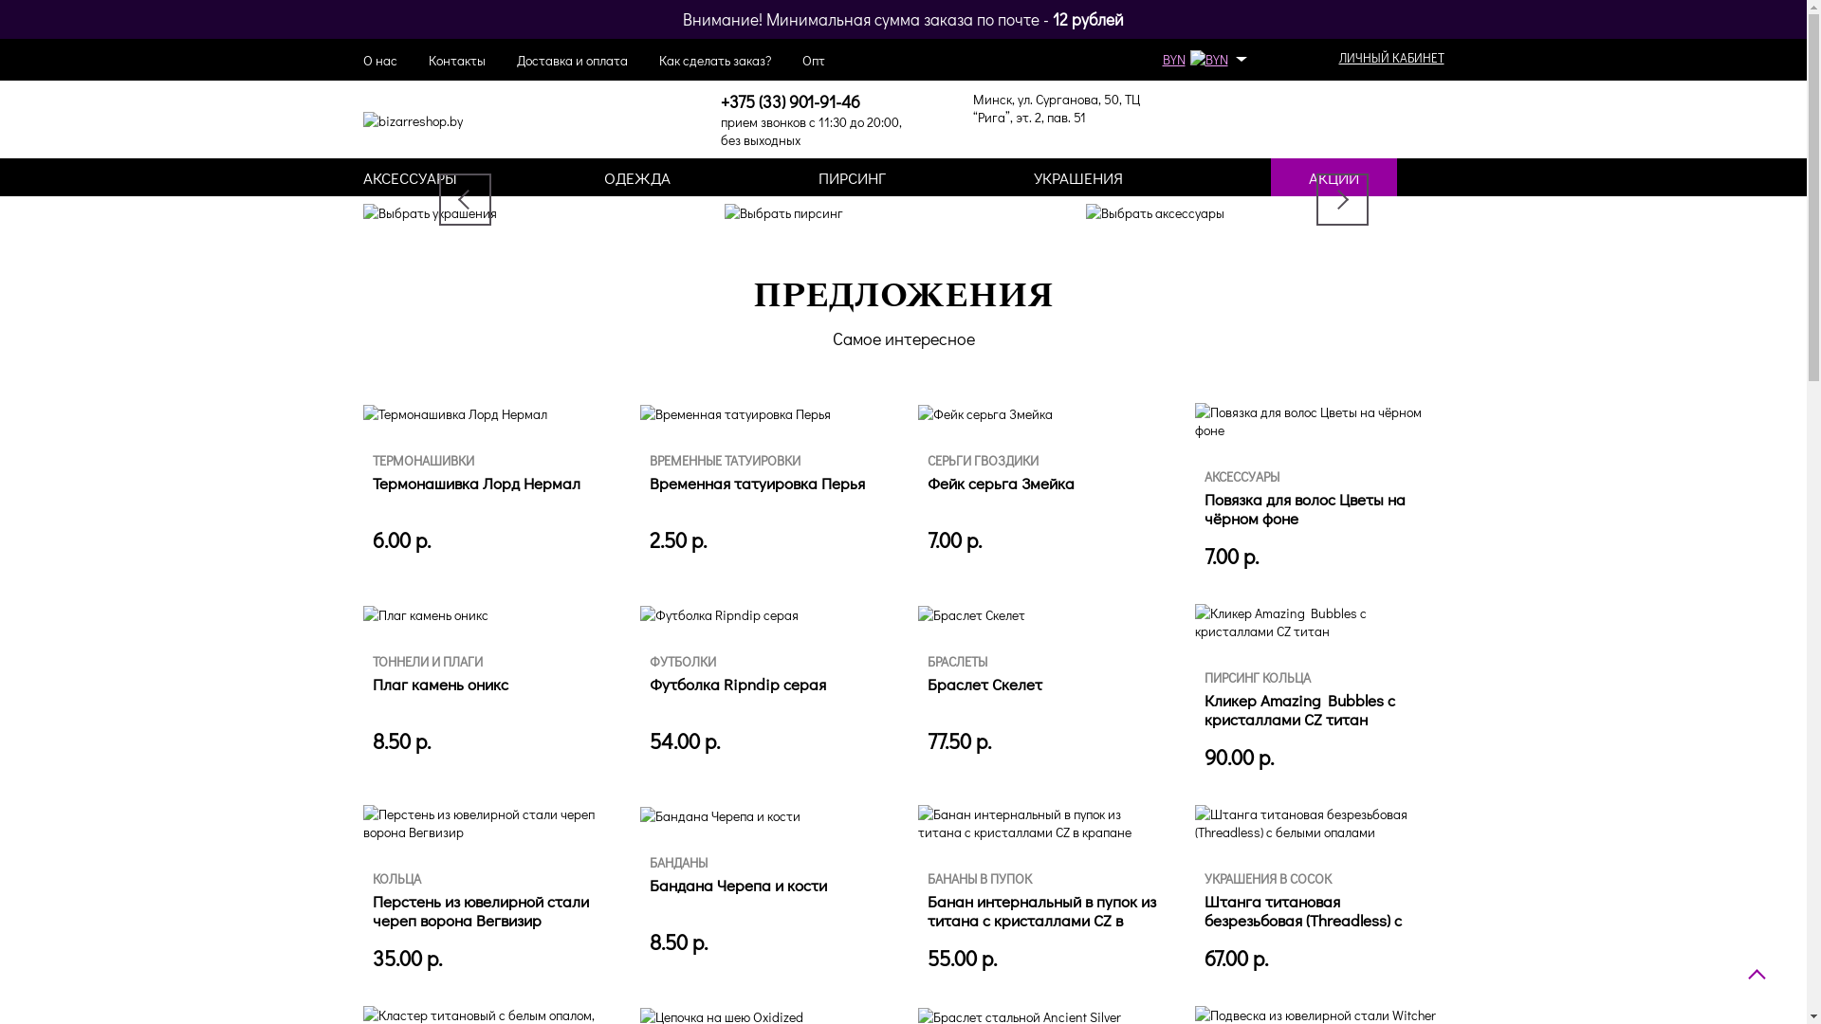 This screenshot has width=1821, height=1024. Describe the element at coordinates (411, 120) in the screenshot. I see `'bizarreshop.by'` at that location.